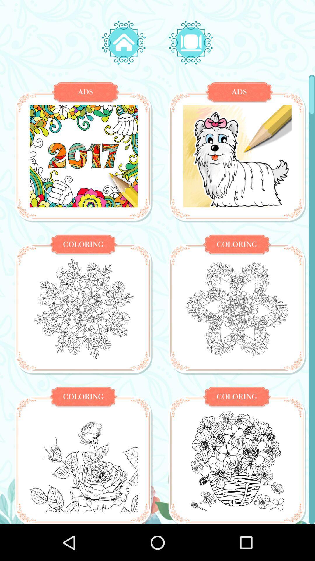 This screenshot has width=315, height=561. What do you see at coordinates (123, 42) in the screenshot?
I see `the home icon` at bounding box center [123, 42].